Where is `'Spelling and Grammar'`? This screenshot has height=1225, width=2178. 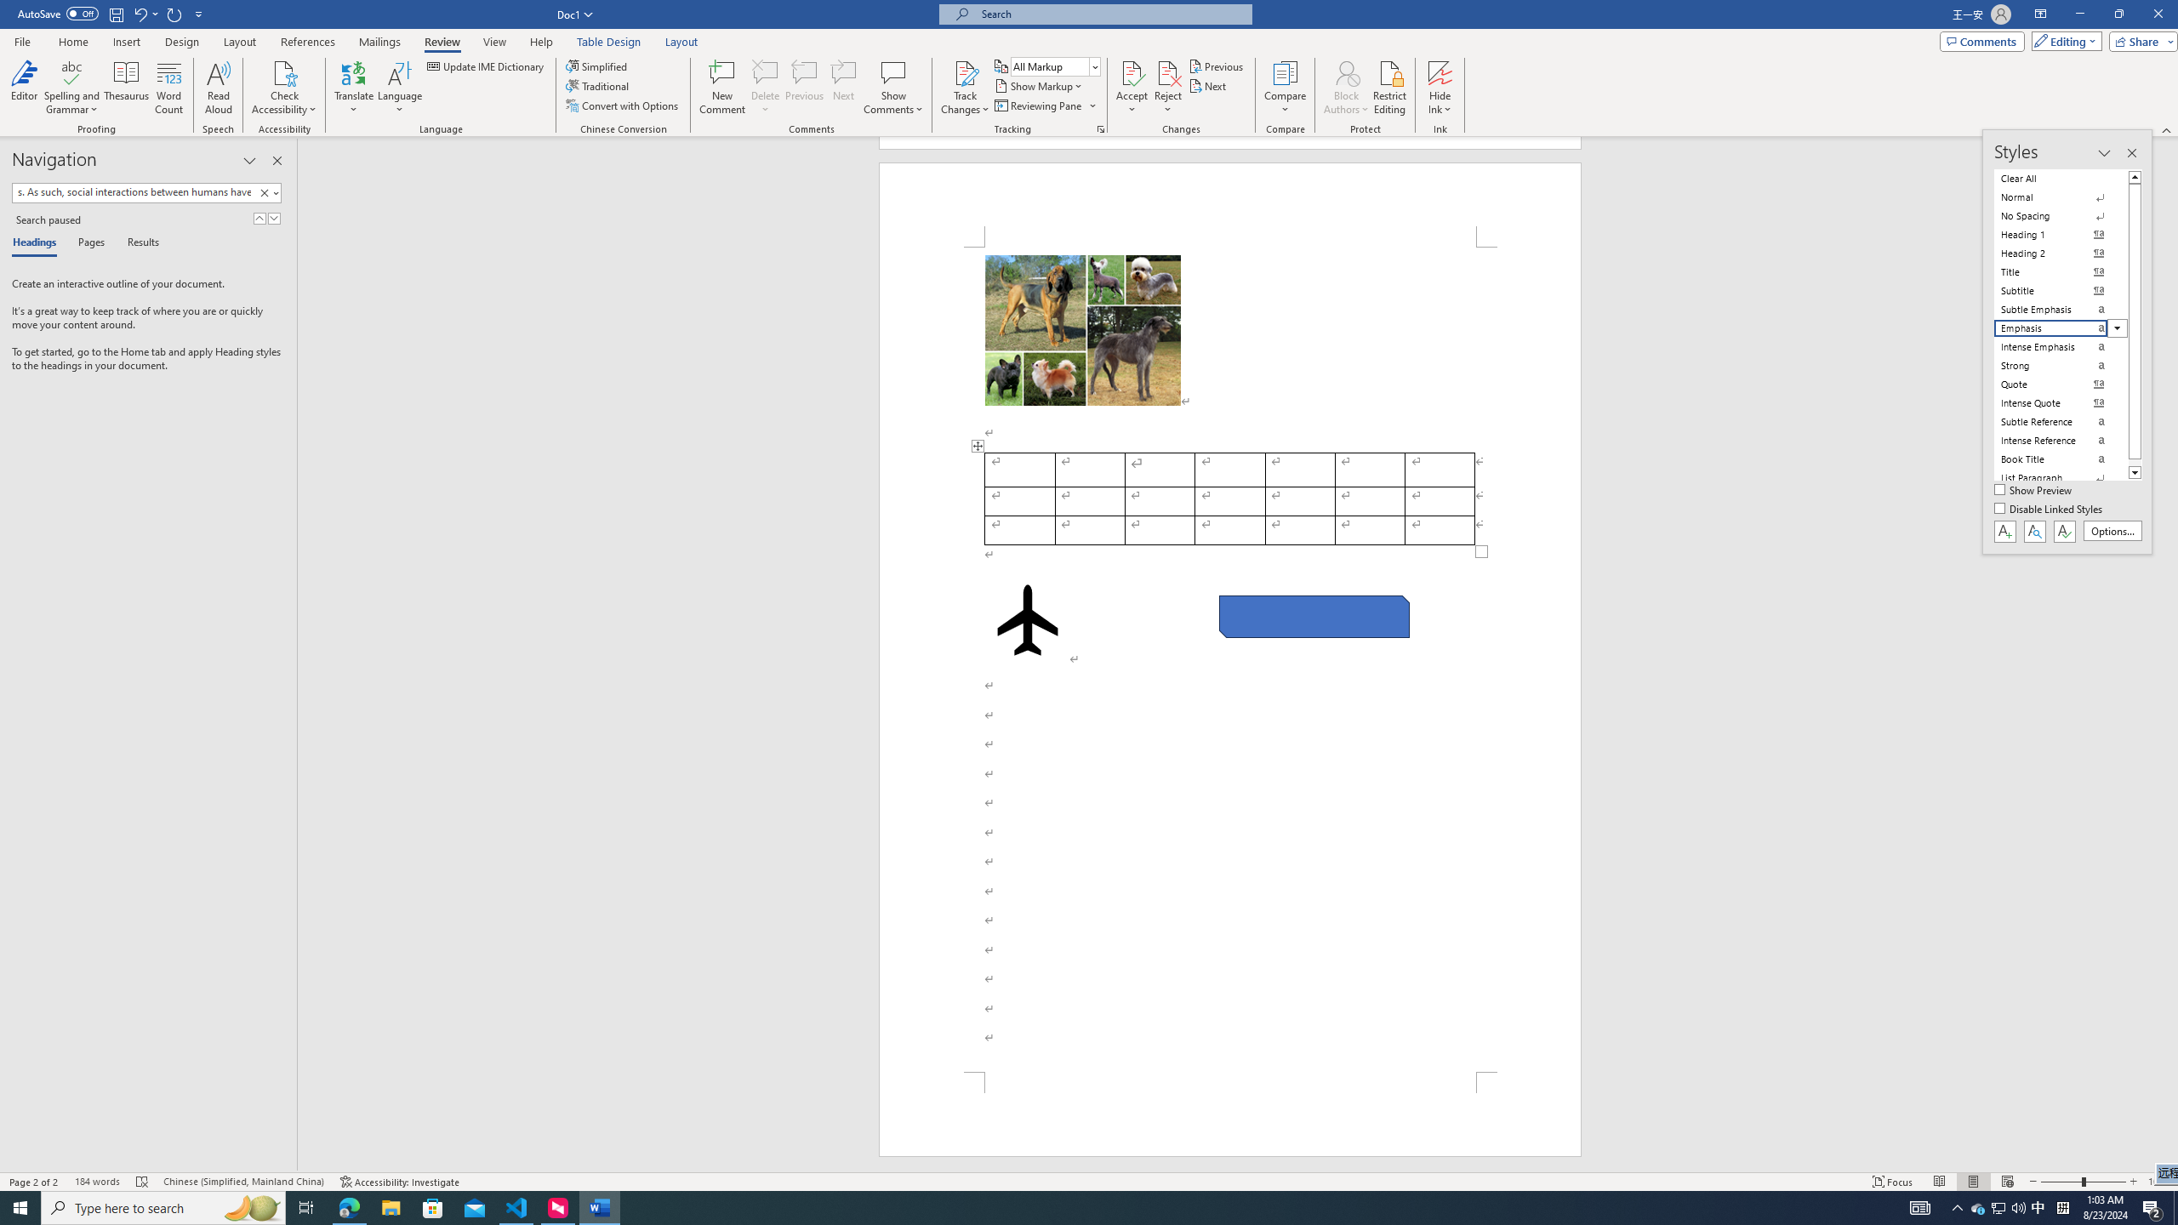 'Spelling and Grammar' is located at coordinates (72, 71).